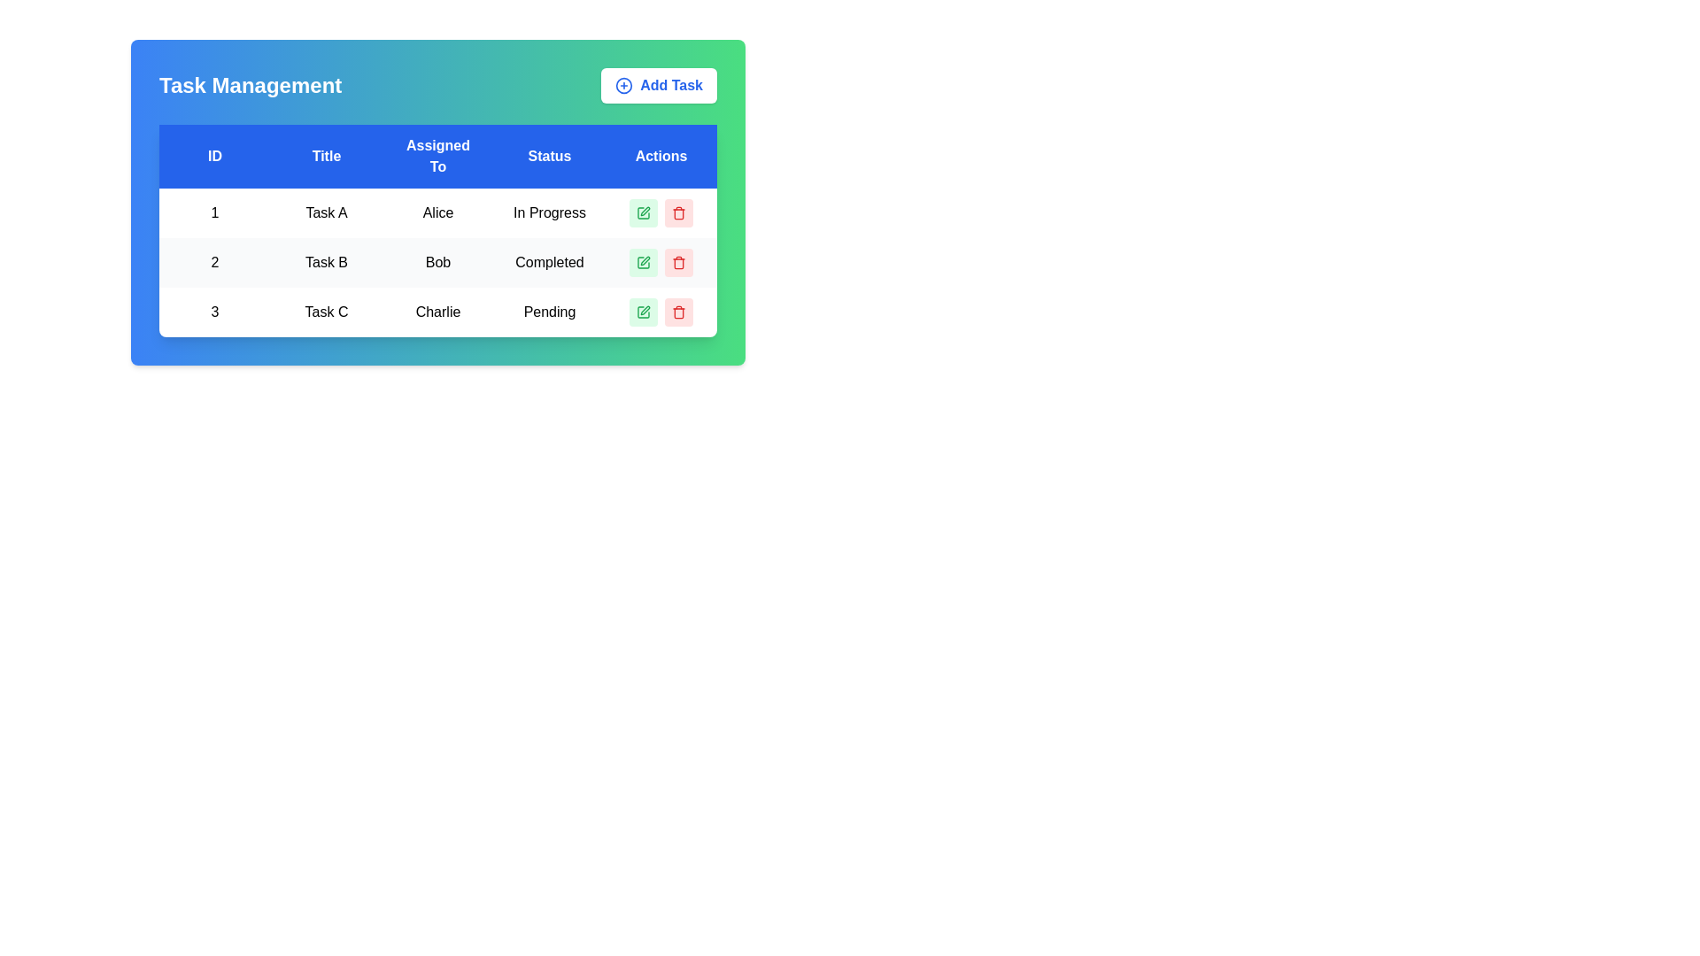 The image size is (1700, 956). Describe the element at coordinates (642, 312) in the screenshot. I see `the edit icon button in the 'Actions' column of the task management table for Task C` at that location.